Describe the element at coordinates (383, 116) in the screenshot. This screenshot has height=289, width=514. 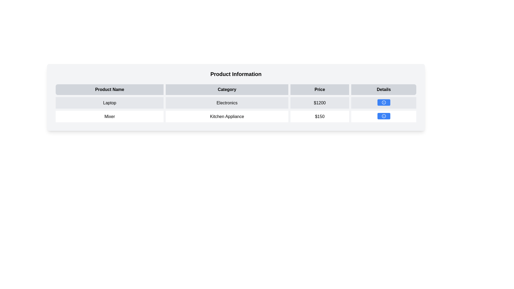
I see `the button in the 'Details' column of the 'Mixer' product row` at that location.